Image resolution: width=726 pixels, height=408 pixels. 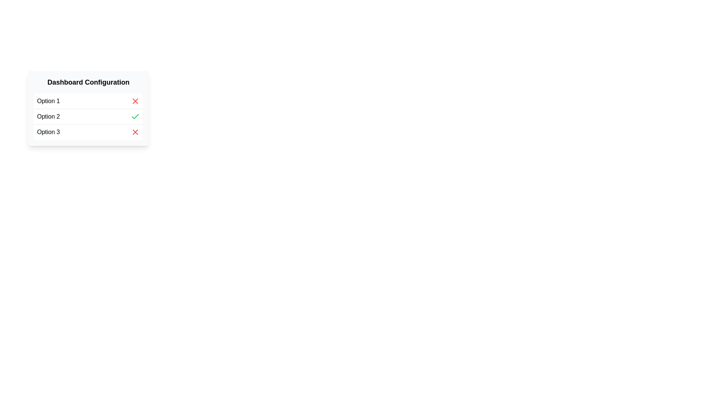 What do you see at coordinates (135, 100) in the screenshot?
I see `the red 'X' icon located in the rightmost section of the 'Option 1' item` at bounding box center [135, 100].